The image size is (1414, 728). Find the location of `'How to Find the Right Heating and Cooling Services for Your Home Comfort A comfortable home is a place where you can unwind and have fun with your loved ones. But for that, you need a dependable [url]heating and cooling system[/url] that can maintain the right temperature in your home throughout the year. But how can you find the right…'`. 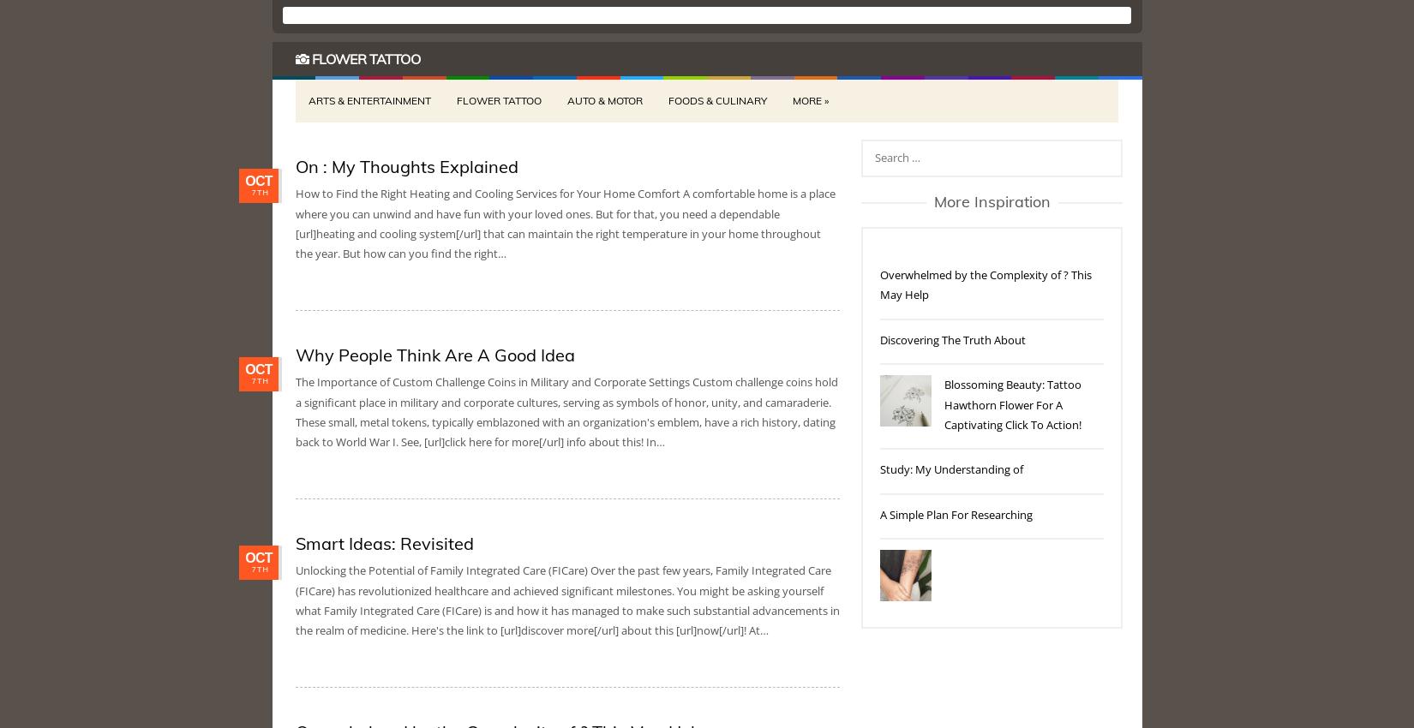

'How to Find the Right Heating and Cooling Services for Your Home Comfort A comfortable home is a place where you can unwind and have fun with your loved ones. But for that, you need a dependable [url]heating and cooling system[/url] that can maintain the right temperature in your home throughout the year. But how can you find the right…' is located at coordinates (565, 223).